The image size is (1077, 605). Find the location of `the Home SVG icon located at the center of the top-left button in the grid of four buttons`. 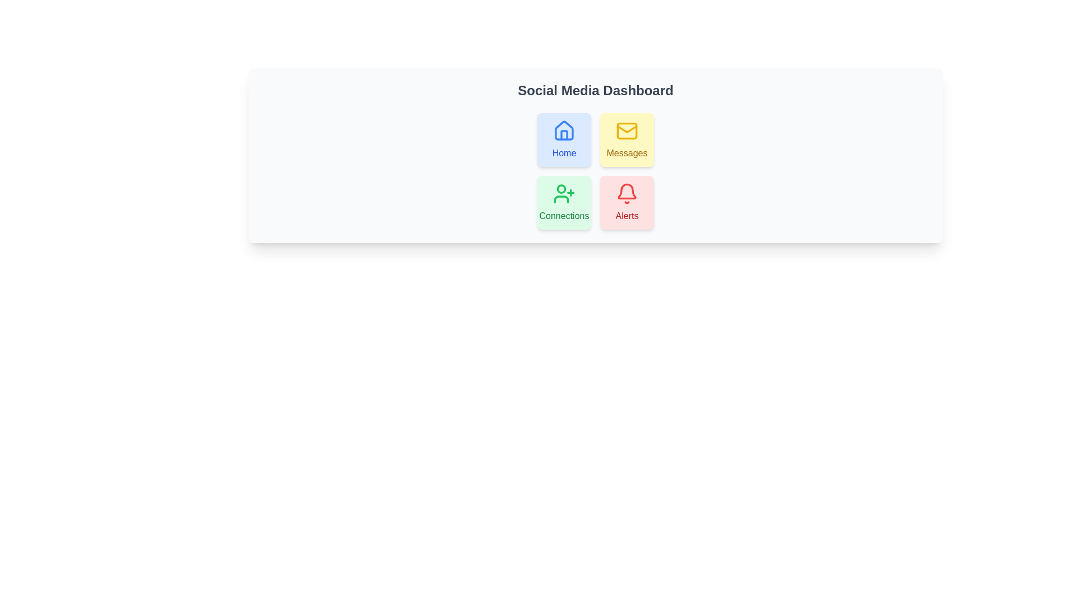

the Home SVG icon located at the center of the top-left button in the grid of four buttons is located at coordinates (564, 131).